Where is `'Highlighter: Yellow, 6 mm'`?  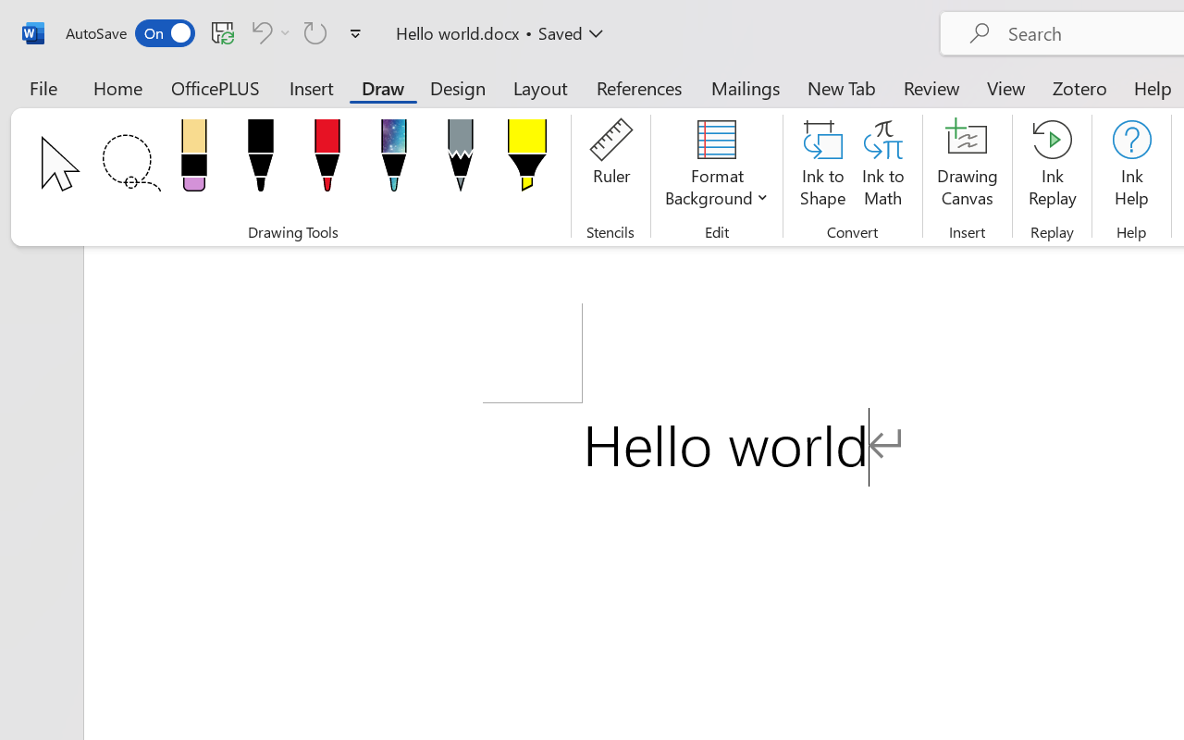 'Highlighter: Yellow, 6 mm' is located at coordinates (525, 160).